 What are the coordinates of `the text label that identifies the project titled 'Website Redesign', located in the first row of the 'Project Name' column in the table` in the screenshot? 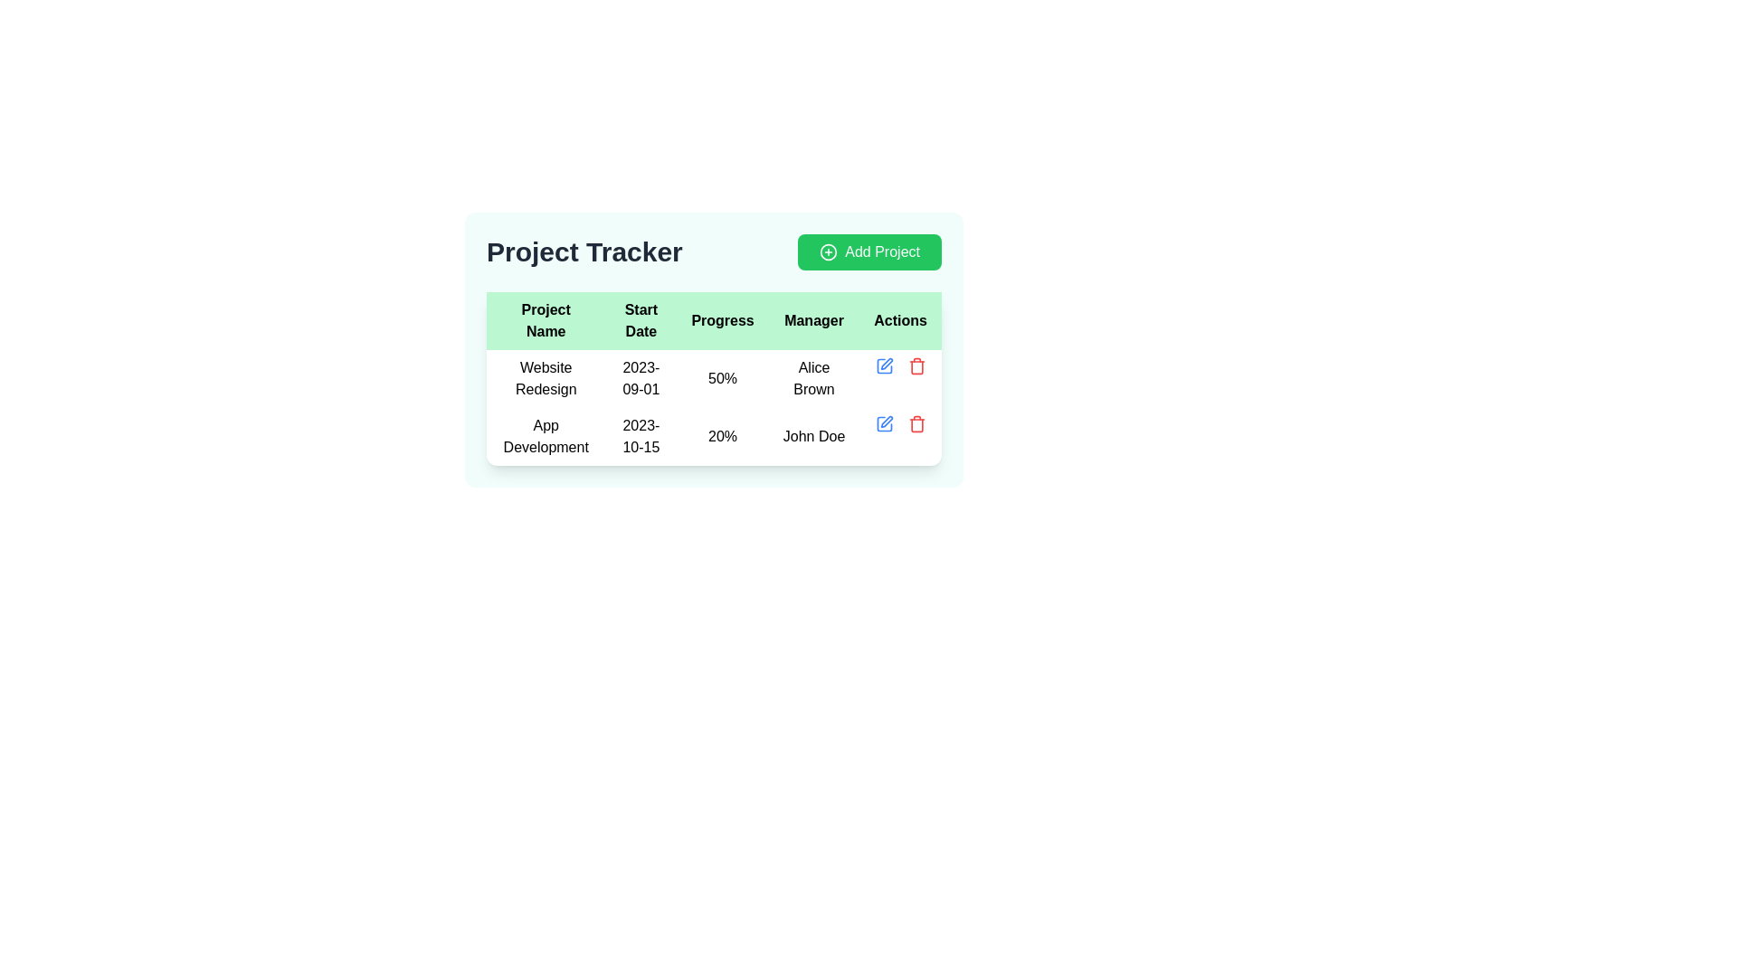 It's located at (545, 378).